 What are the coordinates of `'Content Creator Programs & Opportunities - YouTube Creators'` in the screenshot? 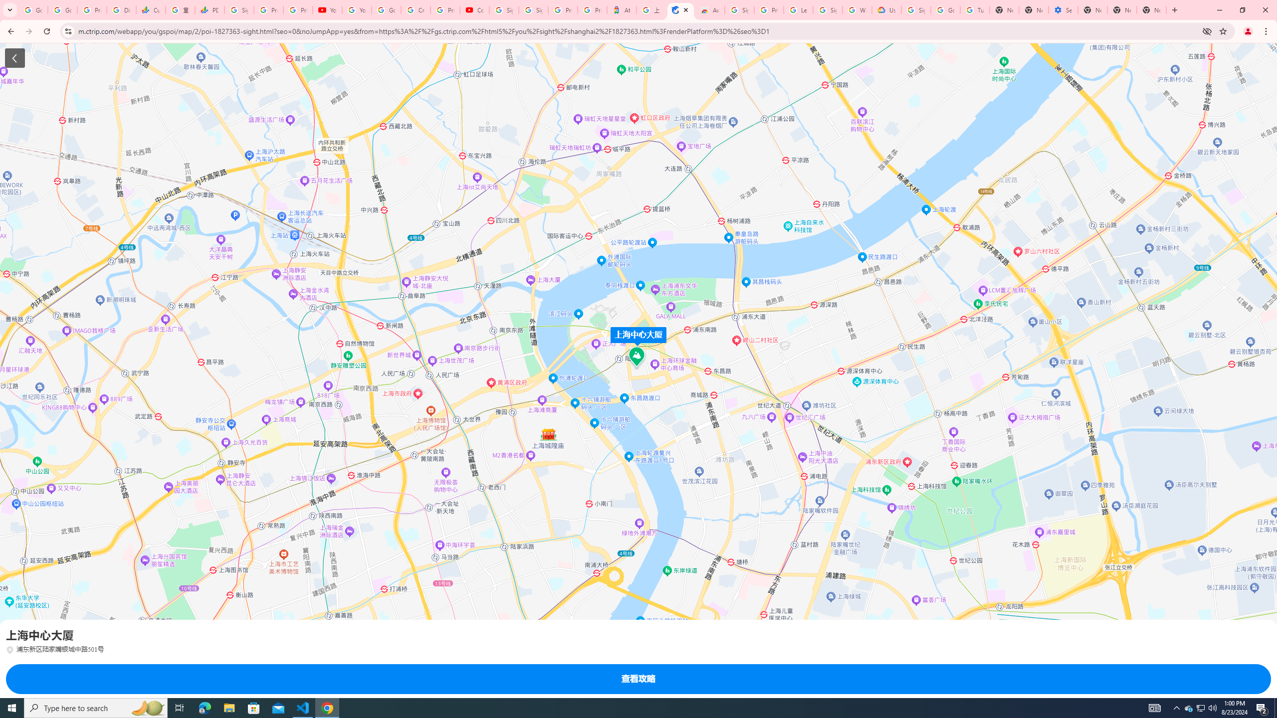 It's located at (474, 9).